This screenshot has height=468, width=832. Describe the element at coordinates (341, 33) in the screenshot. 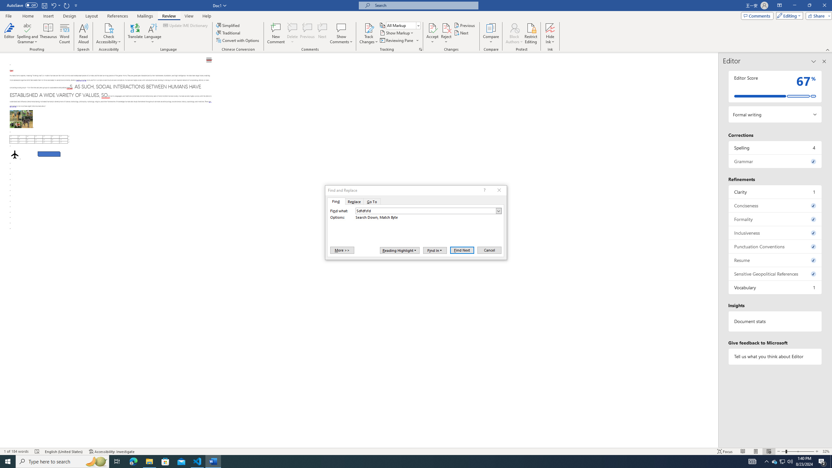

I see `'Show Comments'` at that location.